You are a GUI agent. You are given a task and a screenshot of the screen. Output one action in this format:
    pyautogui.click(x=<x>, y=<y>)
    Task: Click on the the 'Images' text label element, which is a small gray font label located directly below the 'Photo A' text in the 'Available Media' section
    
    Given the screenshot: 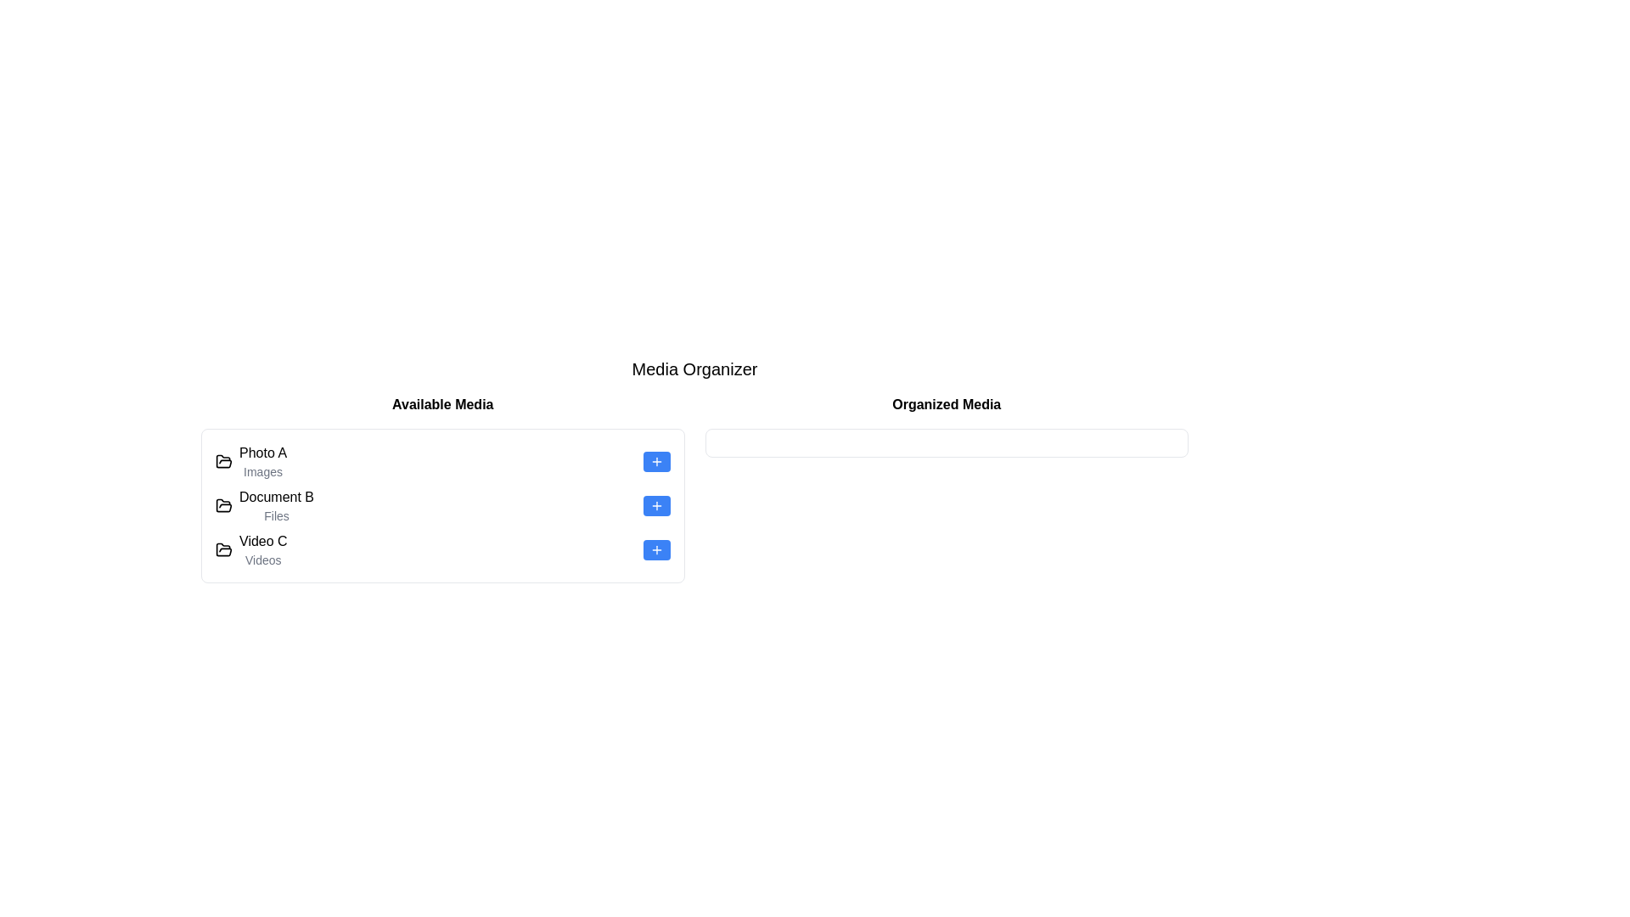 What is the action you would take?
    pyautogui.click(x=262, y=471)
    